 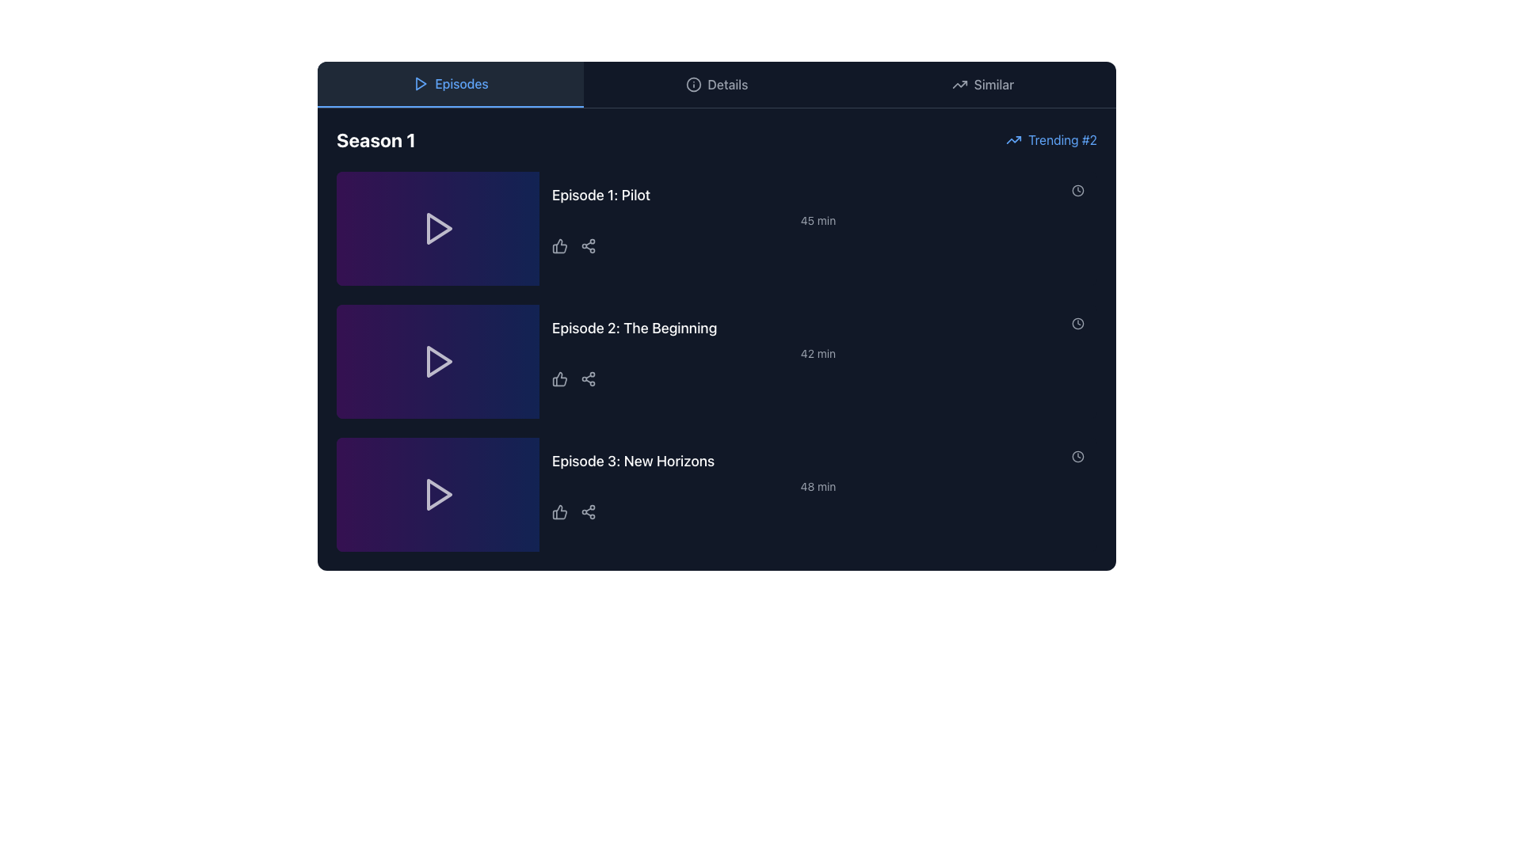 I want to click on the second list item that displays the title and runtime of a specific episode in the series, located below 'Episode 1: Pilot' and above 'Episode 3: New Horizons', so click(x=818, y=361).